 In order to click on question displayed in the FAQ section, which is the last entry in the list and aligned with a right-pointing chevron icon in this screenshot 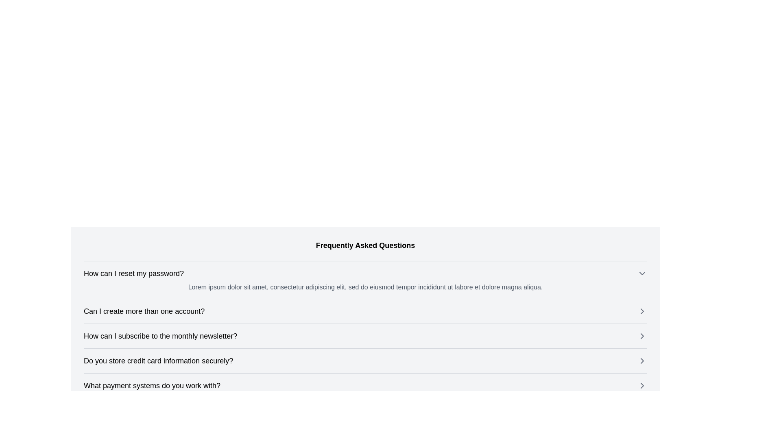, I will do `click(152, 385)`.